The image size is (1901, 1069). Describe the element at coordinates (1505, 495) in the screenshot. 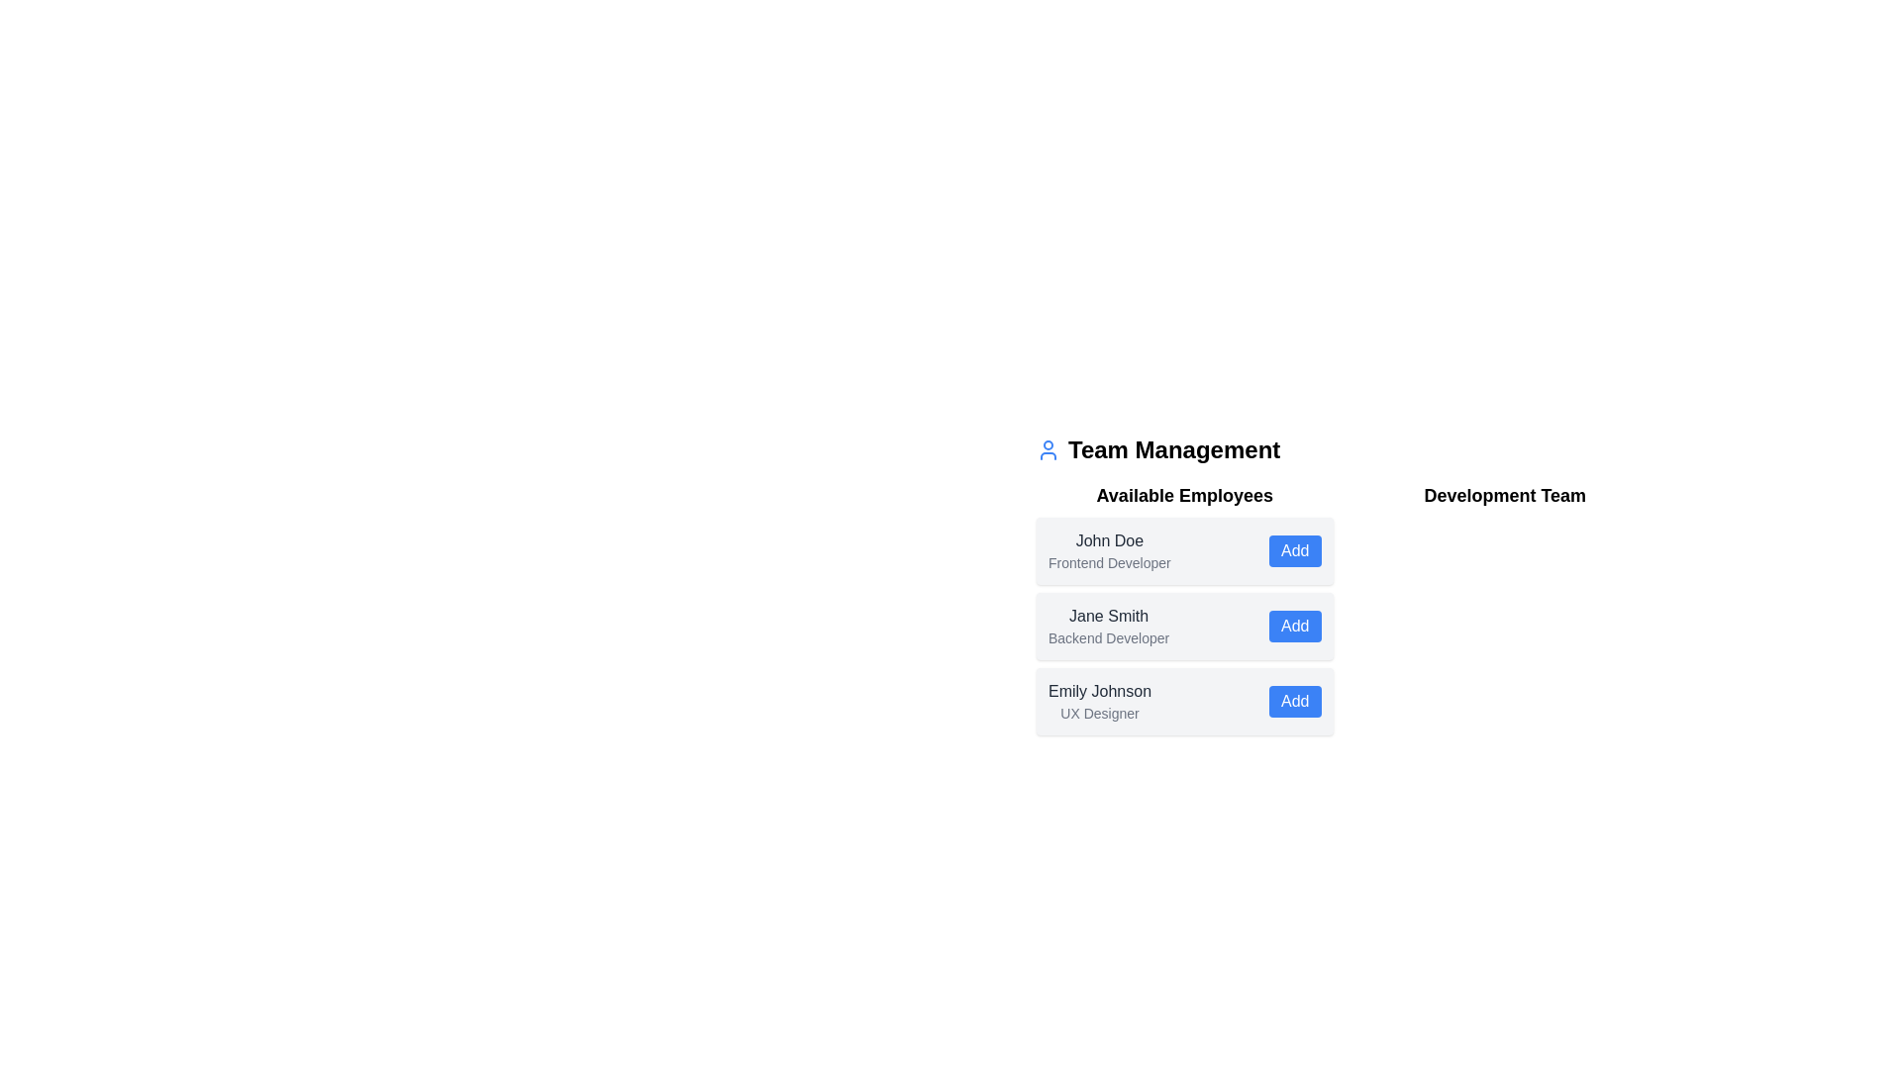

I see `the text label indicating 'Development Team', located in the top-right area of the interface` at that location.